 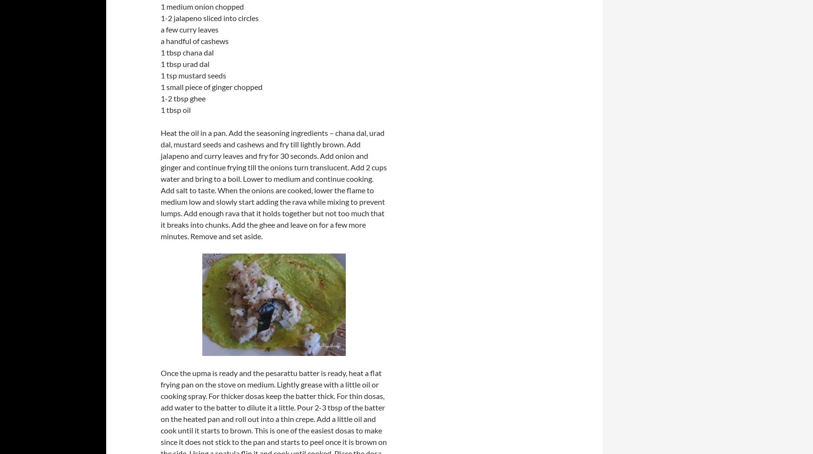 I want to click on 'a few curry leaves', so click(x=189, y=29).